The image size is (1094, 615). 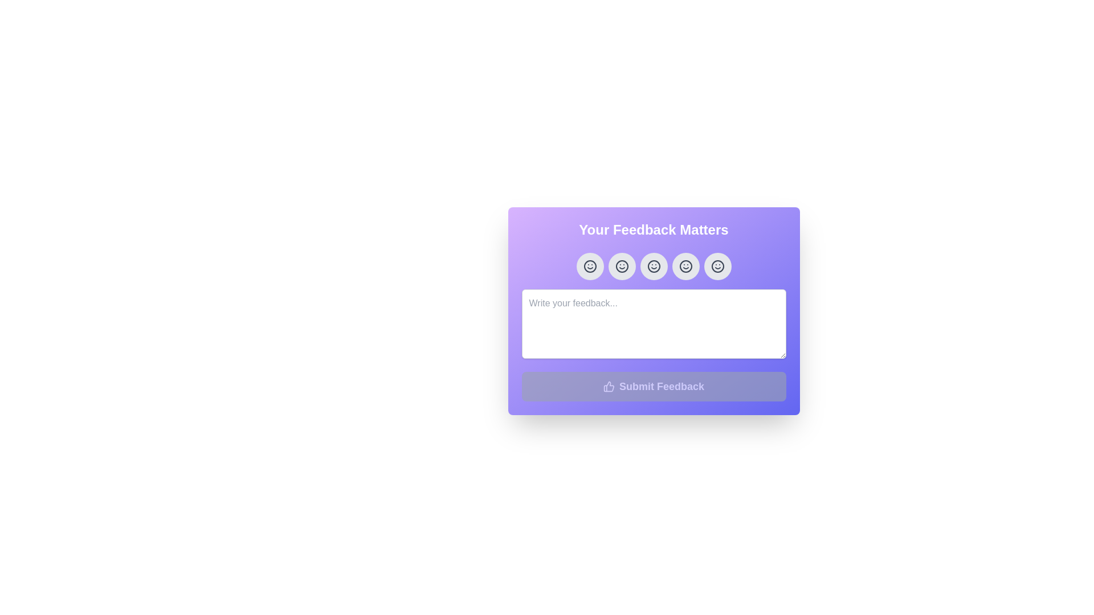 What do you see at coordinates (621, 266) in the screenshot?
I see `the red nose icon of the clown emoji, which is the second emoji from the left in a row of five emojis under the heading 'Your Feedback Matters'` at bounding box center [621, 266].